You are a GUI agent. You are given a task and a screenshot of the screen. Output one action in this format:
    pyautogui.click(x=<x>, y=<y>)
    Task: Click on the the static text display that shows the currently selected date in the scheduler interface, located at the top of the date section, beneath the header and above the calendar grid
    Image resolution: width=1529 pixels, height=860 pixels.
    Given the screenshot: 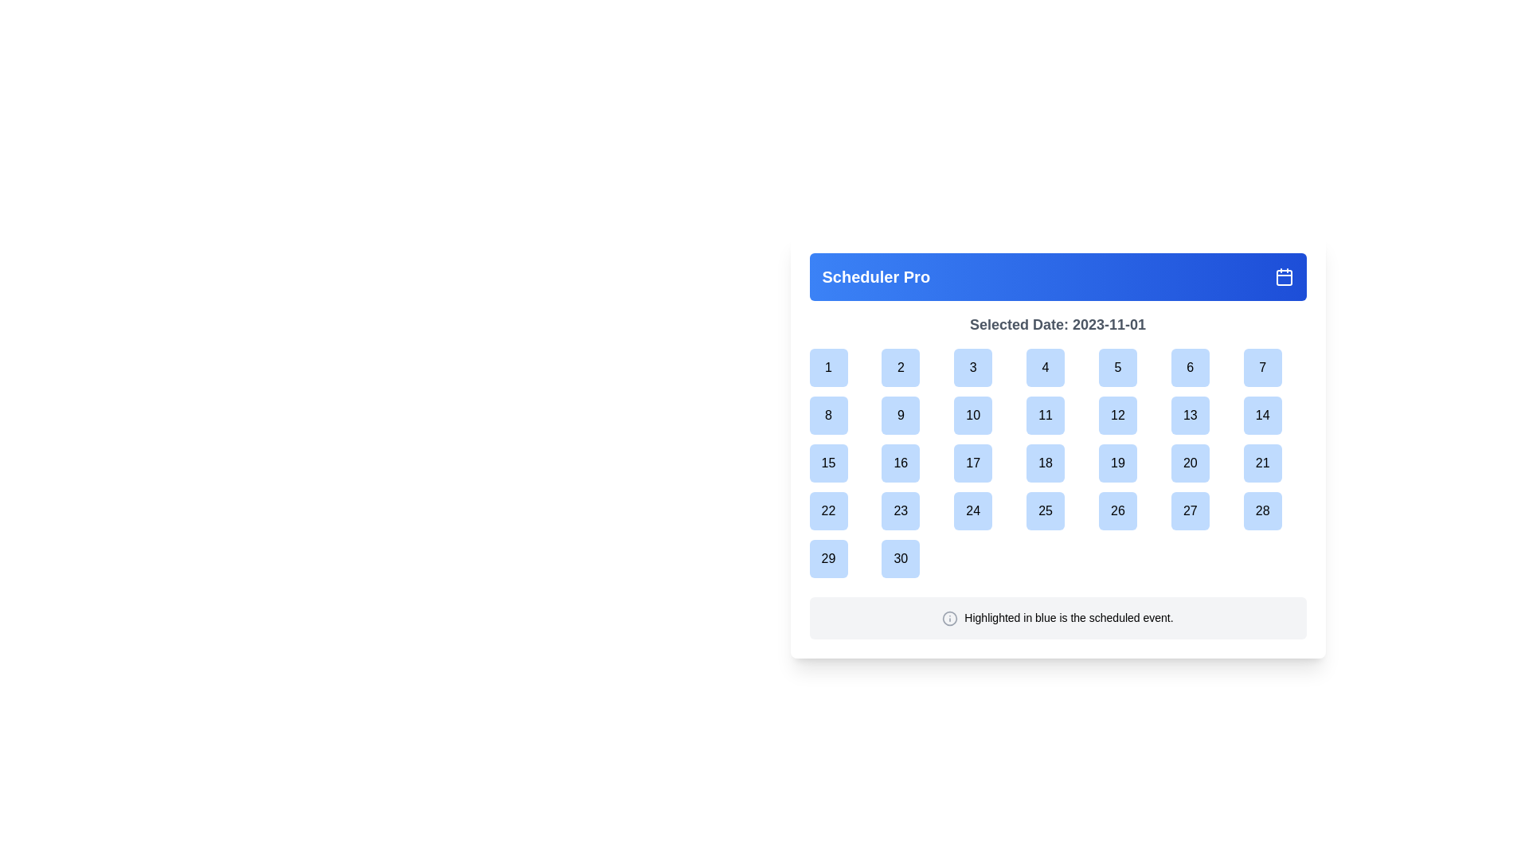 What is the action you would take?
    pyautogui.click(x=1058, y=324)
    